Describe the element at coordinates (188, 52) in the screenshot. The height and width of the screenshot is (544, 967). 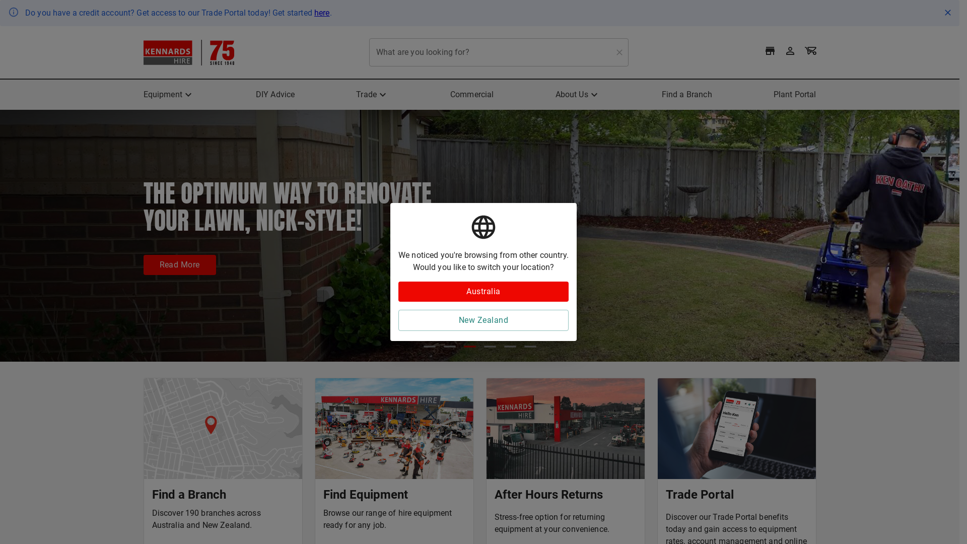
I see `'Kennards Hire - Hire or Rent Equipment, Tools & Supplies'` at that location.